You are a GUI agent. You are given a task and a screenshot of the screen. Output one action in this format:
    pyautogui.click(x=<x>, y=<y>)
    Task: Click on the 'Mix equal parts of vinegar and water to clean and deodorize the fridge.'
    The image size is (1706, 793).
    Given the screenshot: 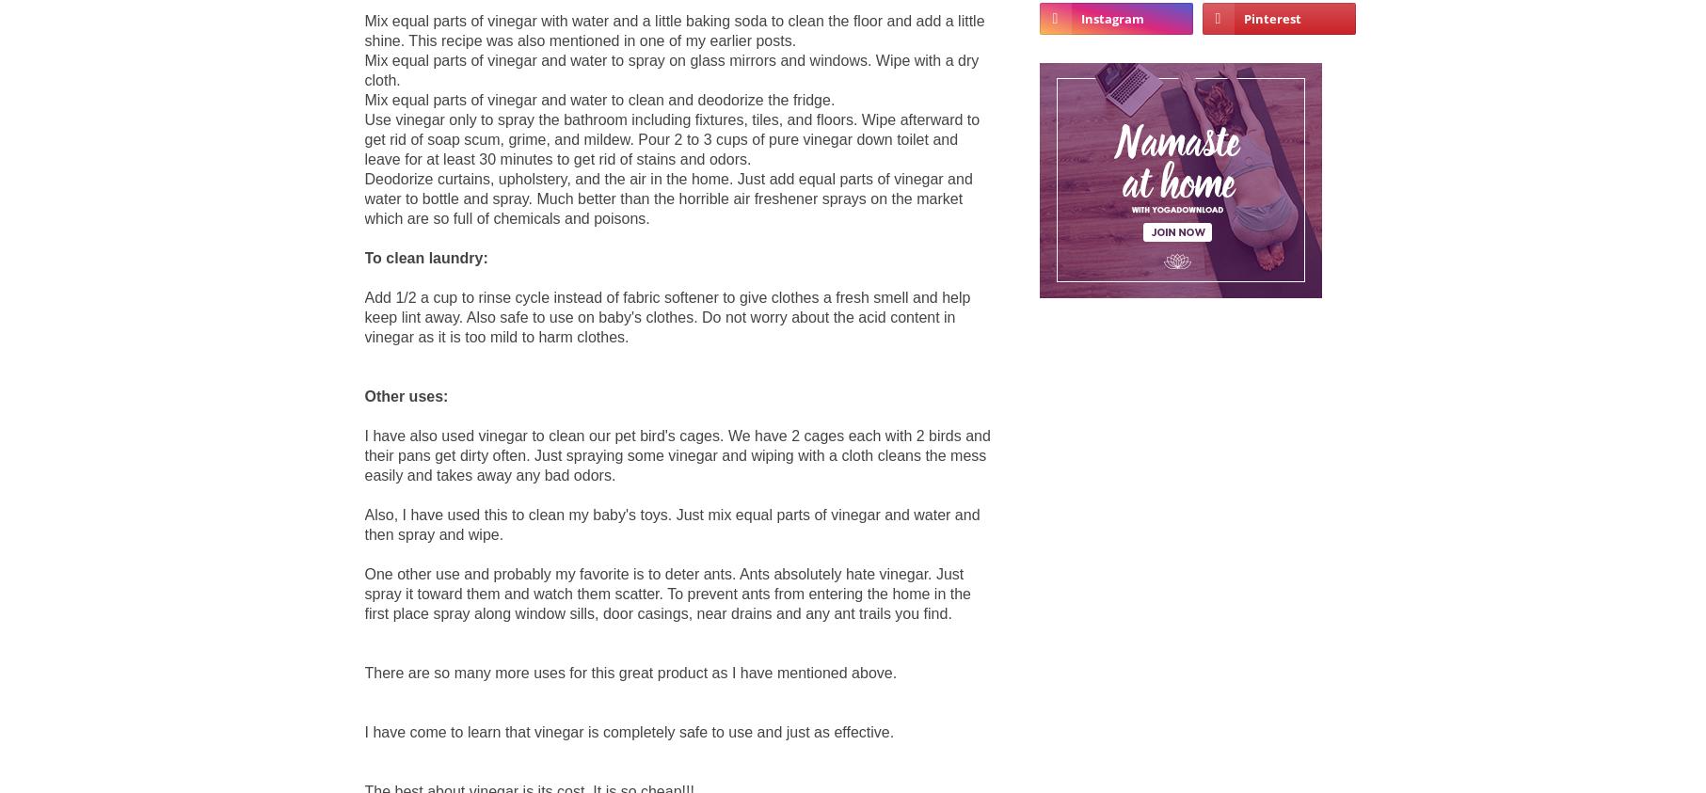 What is the action you would take?
    pyautogui.click(x=599, y=98)
    